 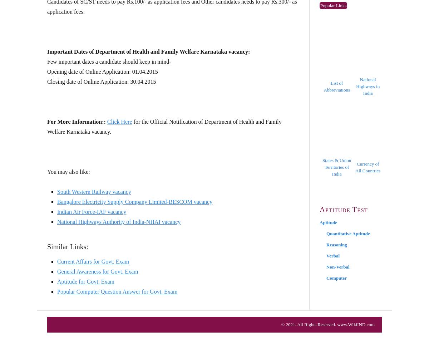 I want to click on 'Current Affairs for Govt. Exam', so click(x=93, y=261).